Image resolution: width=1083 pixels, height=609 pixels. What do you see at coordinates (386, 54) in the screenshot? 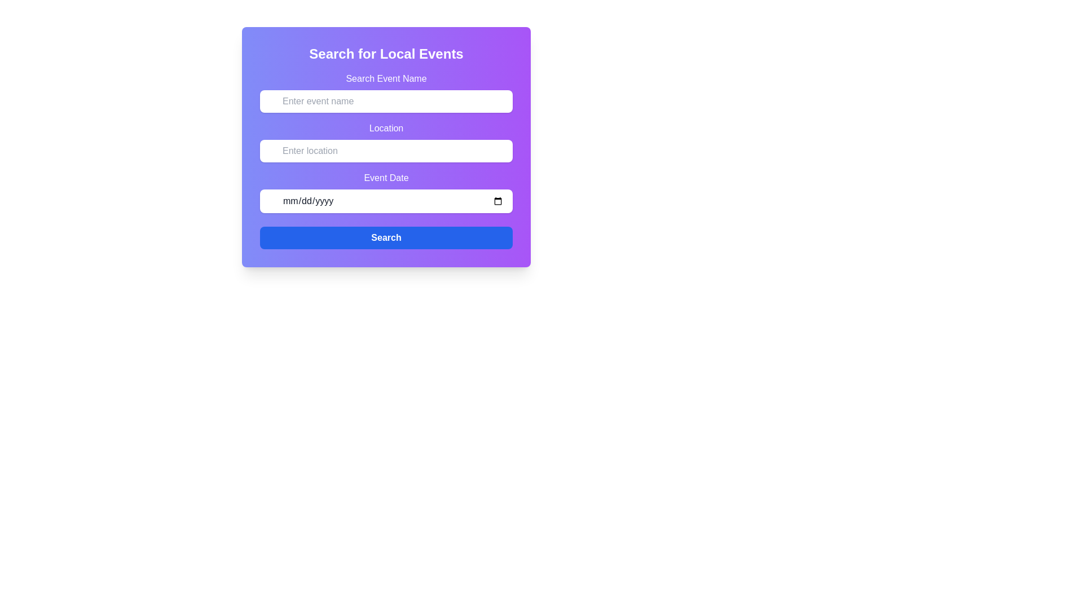
I see `the text heading that displays 'Search for Local Events', which is centered in a purple background gradient and serves as the main title of the interface` at bounding box center [386, 54].